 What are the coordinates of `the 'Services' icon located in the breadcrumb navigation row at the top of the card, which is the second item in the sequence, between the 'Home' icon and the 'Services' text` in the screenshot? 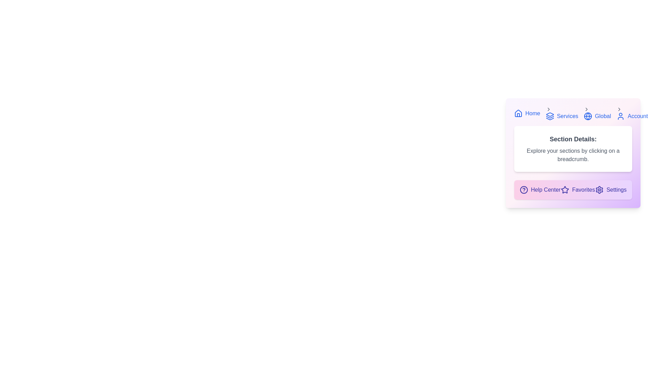 It's located at (549, 114).